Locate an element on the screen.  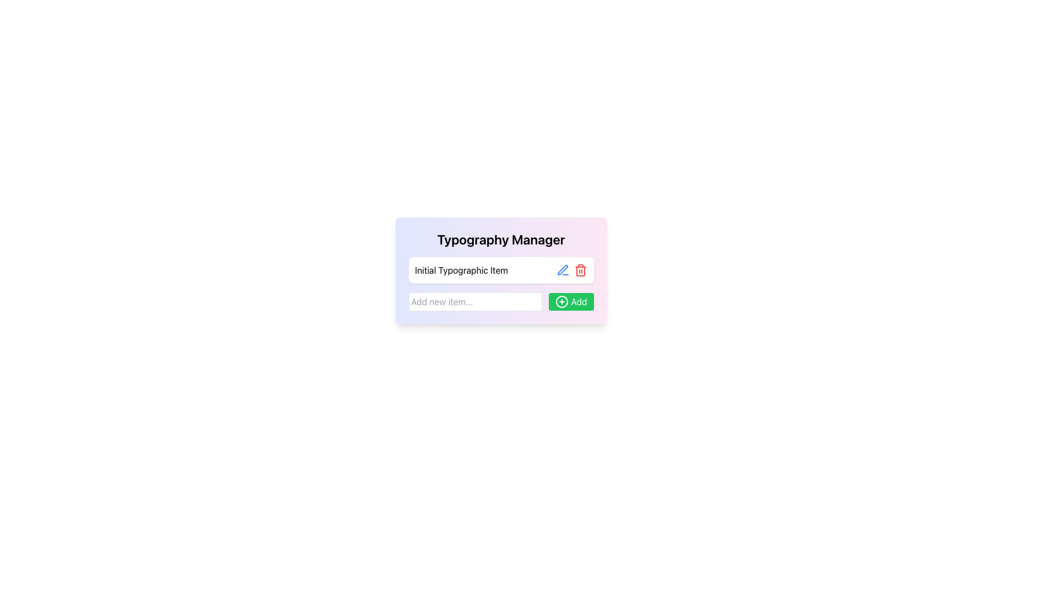
the text label 'Initial Typographic Item' is located at coordinates (500, 270).